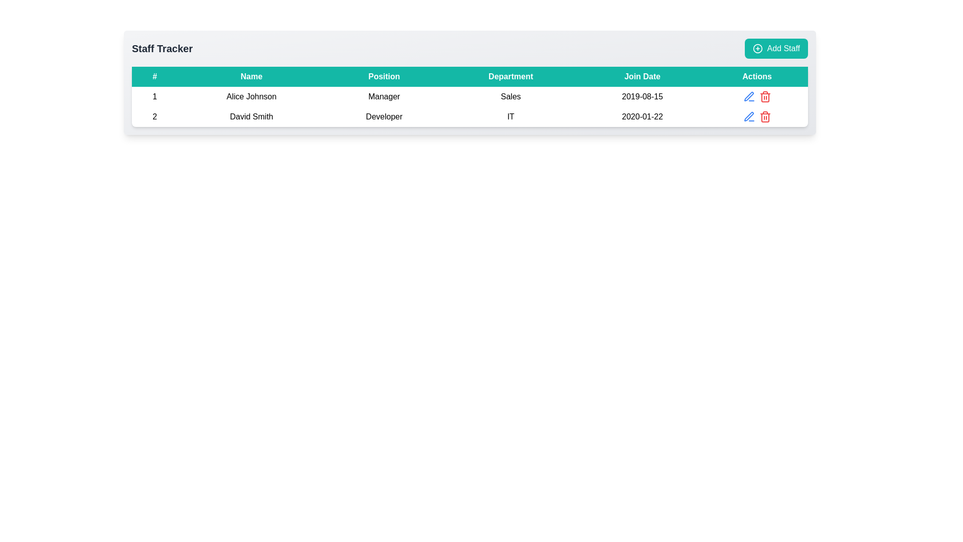 The width and height of the screenshot is (963, 542). What do you see at coordinates (758, 48) in the screenshot?
I see `the circular 'Add Staff' button icon located at the top-right corner of the interface` at bounding box center [758, 48].